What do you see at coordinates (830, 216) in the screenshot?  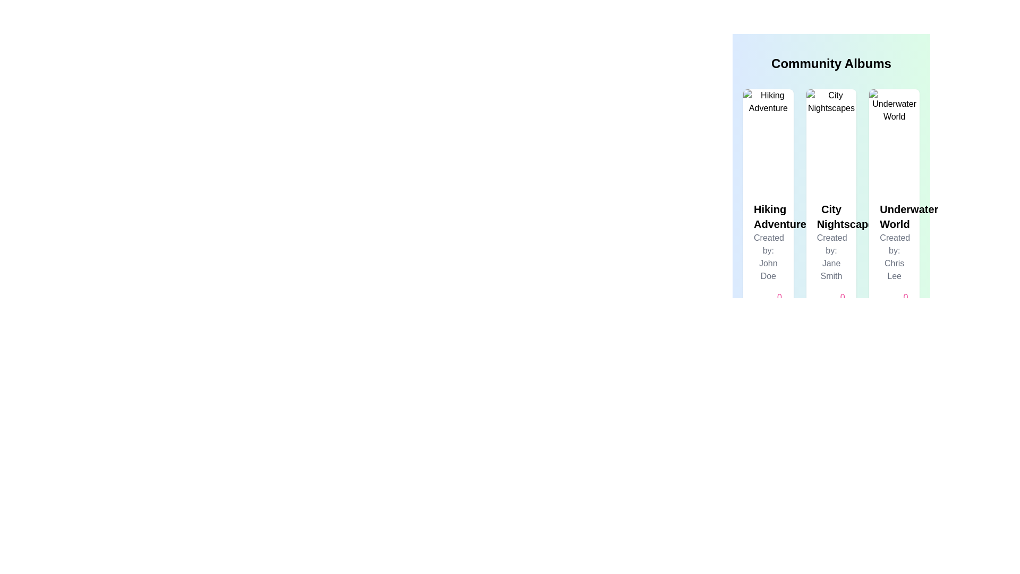 I see `the text label 'City Nightscapes', which is prominently styled with an extra-large font and bold weight, located in the middle column of the 'Community Albums' section` at bounding box center [830, 216].